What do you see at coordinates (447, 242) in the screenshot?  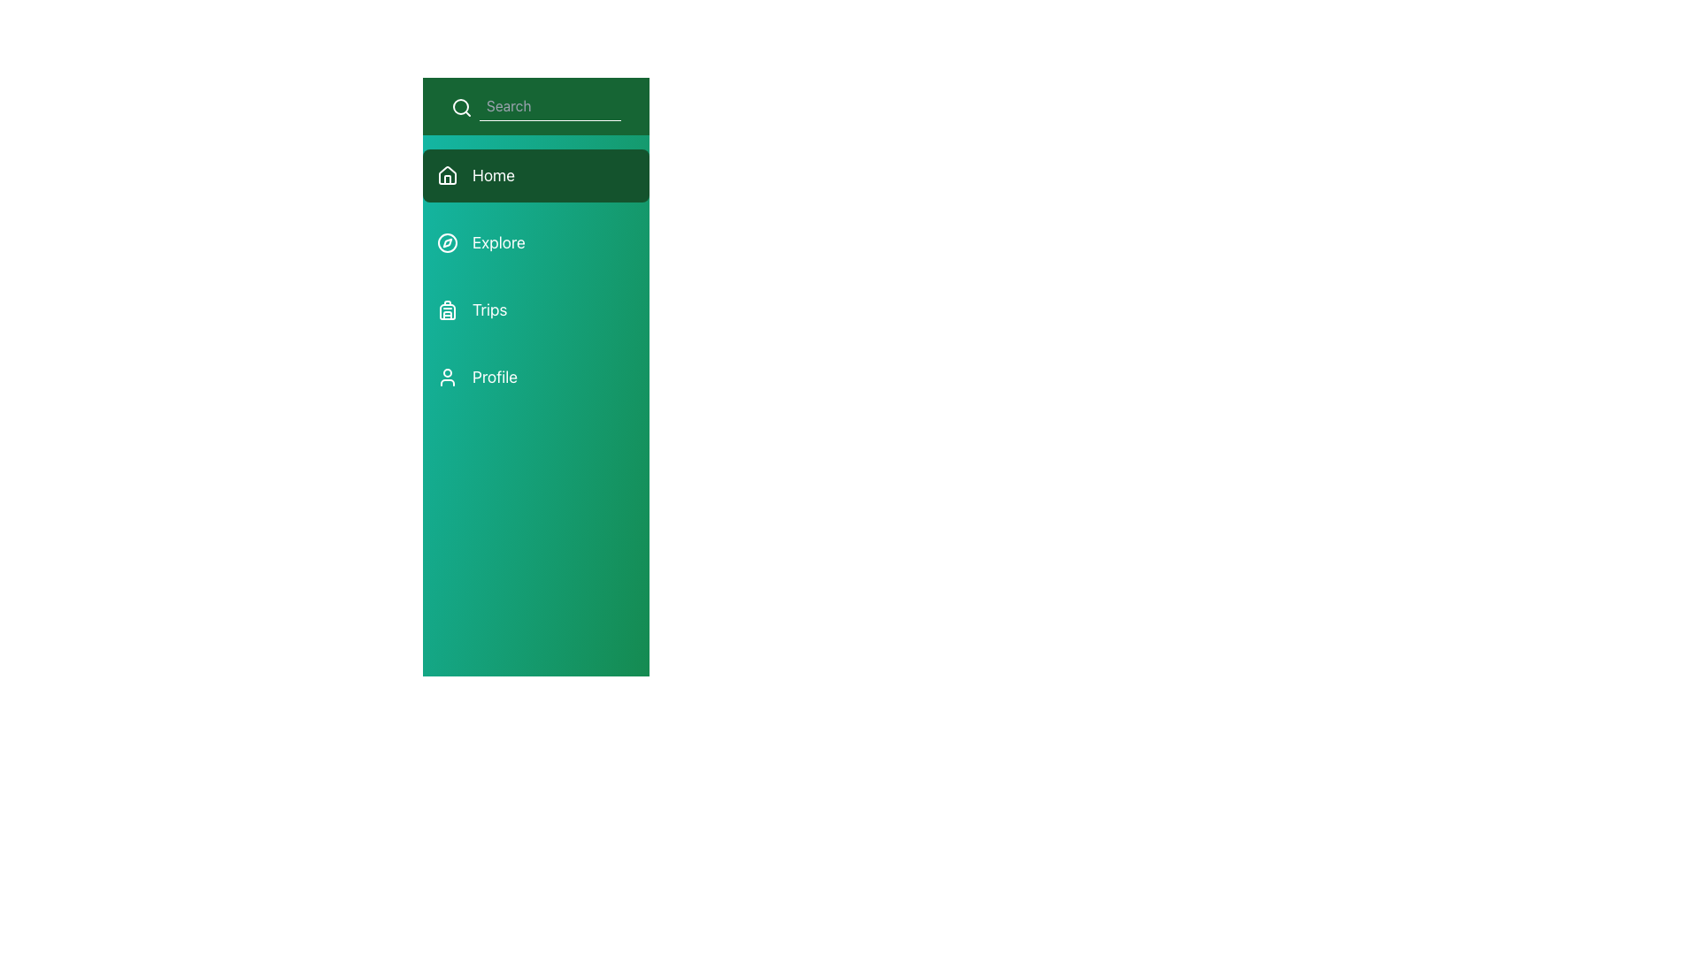 I see `the circular compass icon that is part of the 'Explore' menu` at bounding box center [447, 242].